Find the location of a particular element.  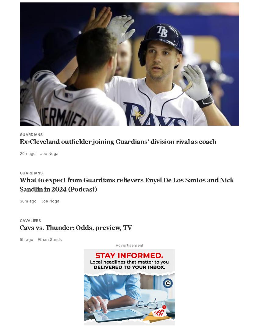

'20h ago' is located at coordinates (27, 167).